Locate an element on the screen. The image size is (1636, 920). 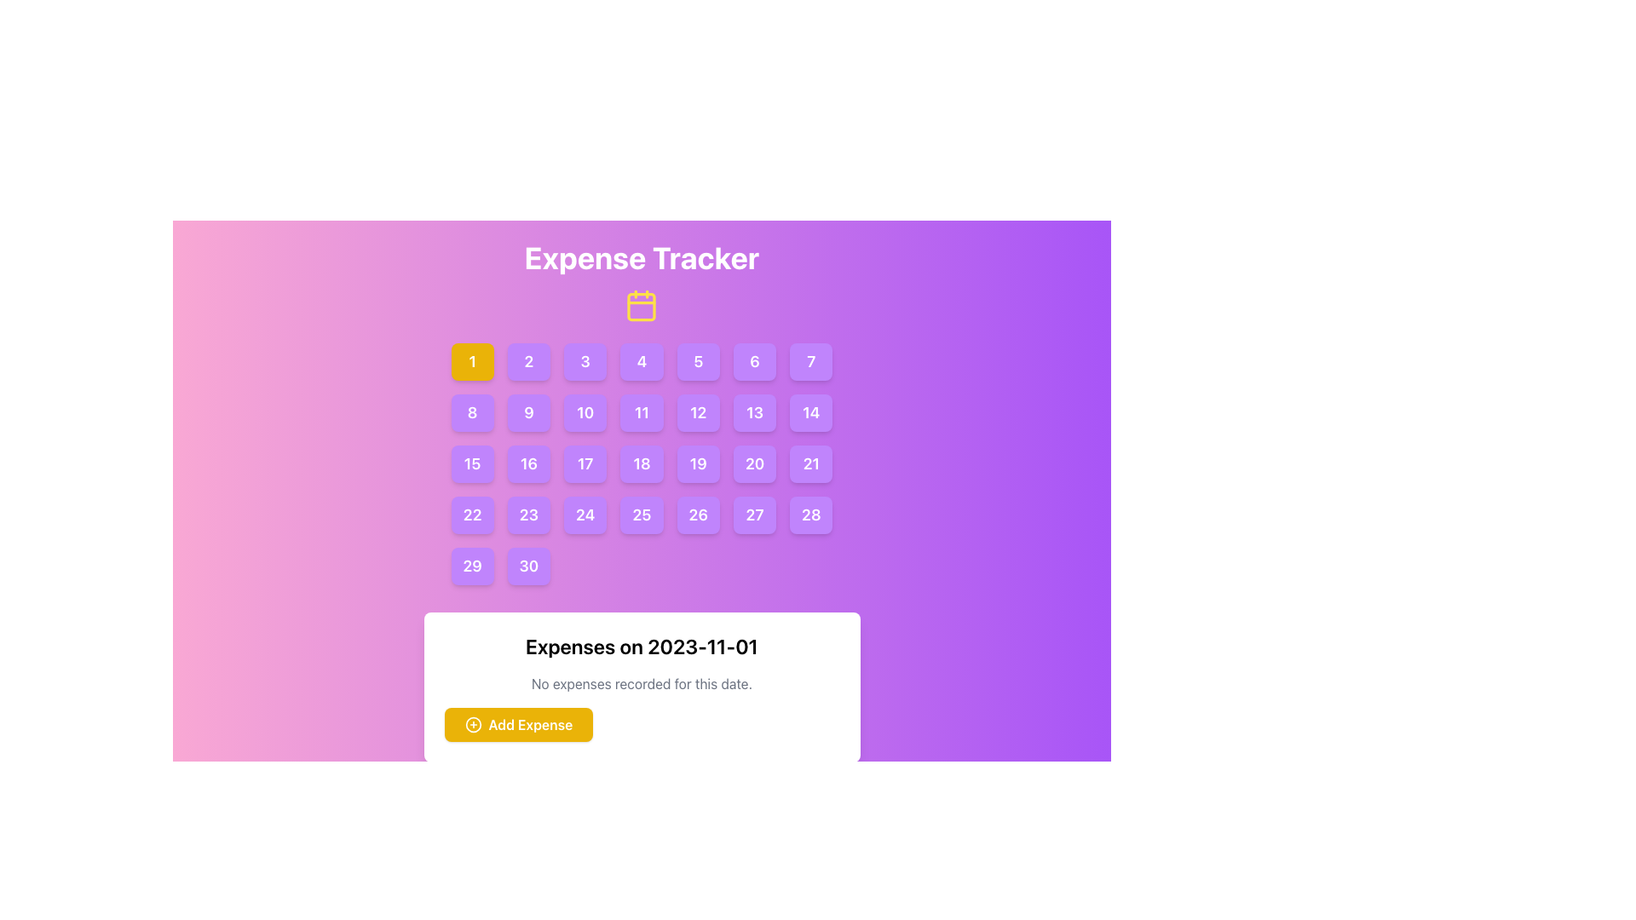
the square button with a purple background displaying the number '9' is located at coordinates (527, 413).